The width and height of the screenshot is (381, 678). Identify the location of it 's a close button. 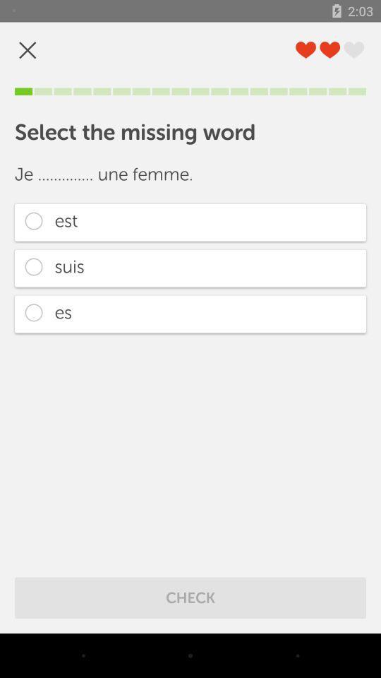
(28, 50).